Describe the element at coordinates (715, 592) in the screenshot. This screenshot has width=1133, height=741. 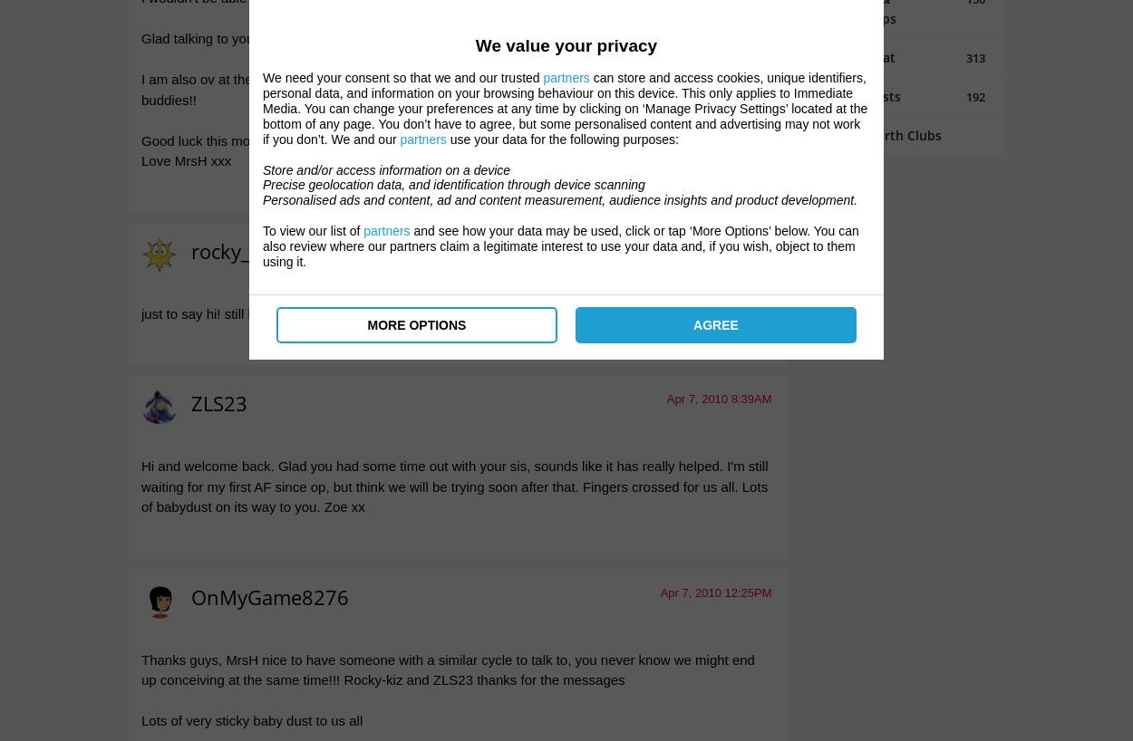
I see `'Apr 7, 2010 12:25PM'` at that location.